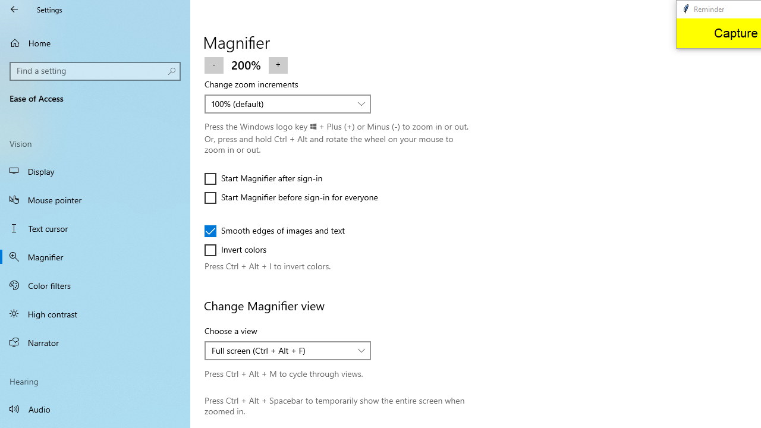 This screenshot has height=428, width=761. Describe the element at coordinates (281, 103) in the screenshot. I see `'100% (default)'` at that location.